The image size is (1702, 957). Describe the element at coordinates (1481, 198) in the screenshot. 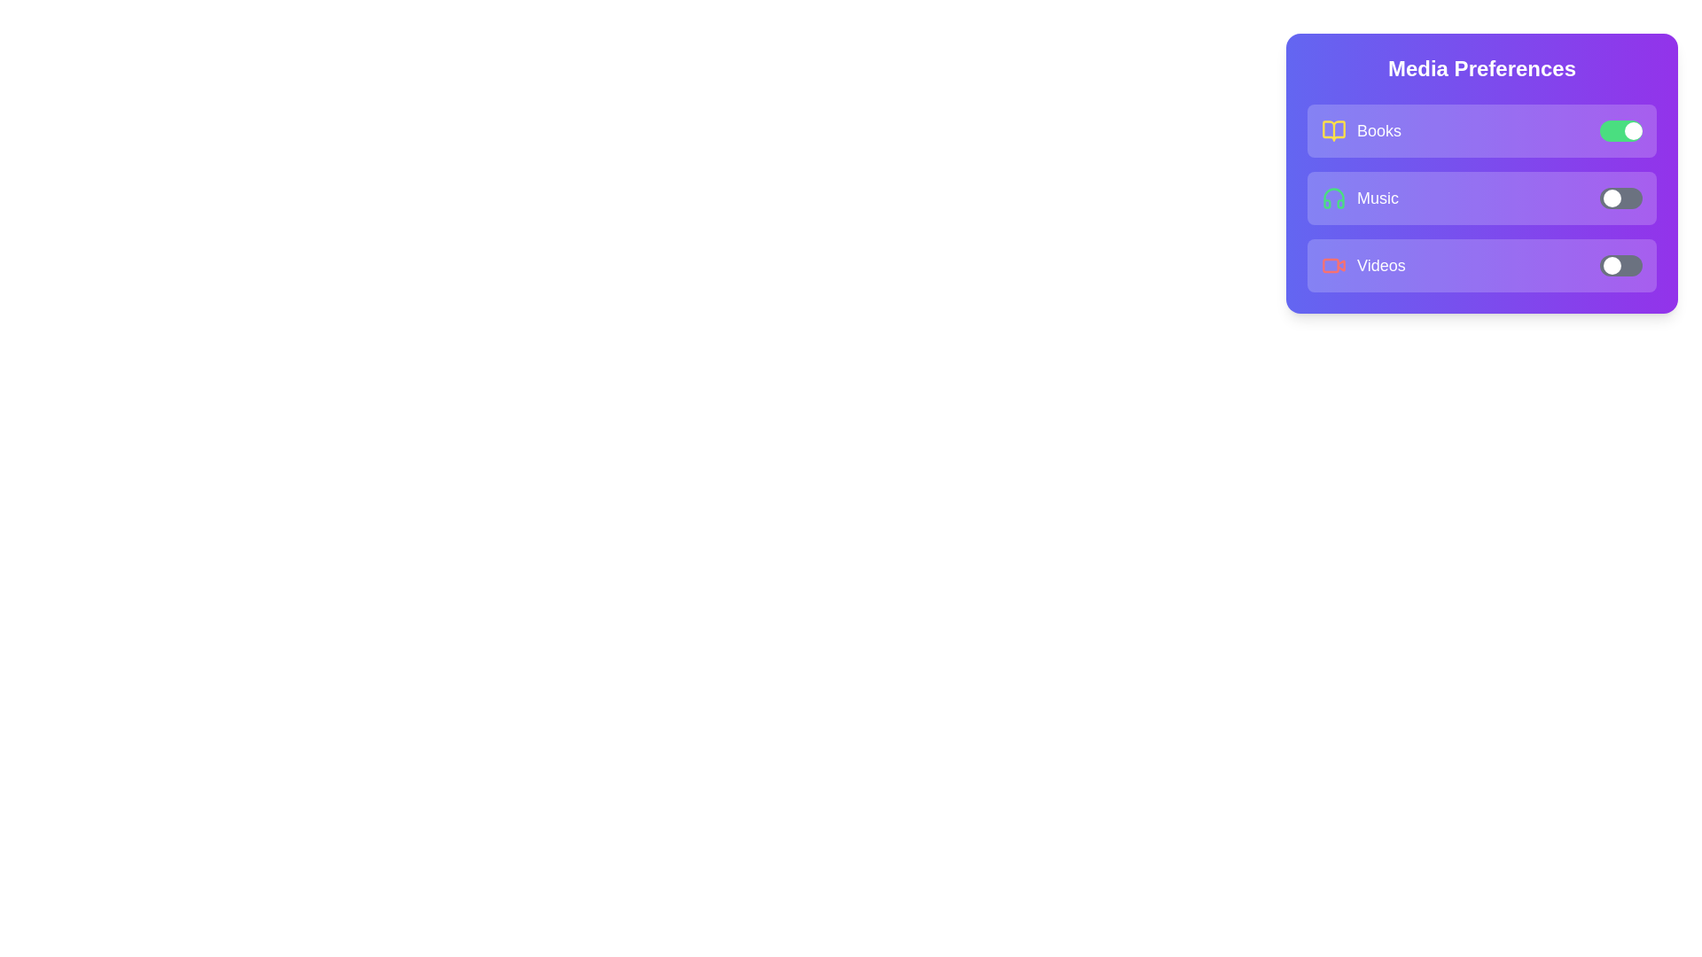

I see `the 'Music' toggleable list item` at that location.